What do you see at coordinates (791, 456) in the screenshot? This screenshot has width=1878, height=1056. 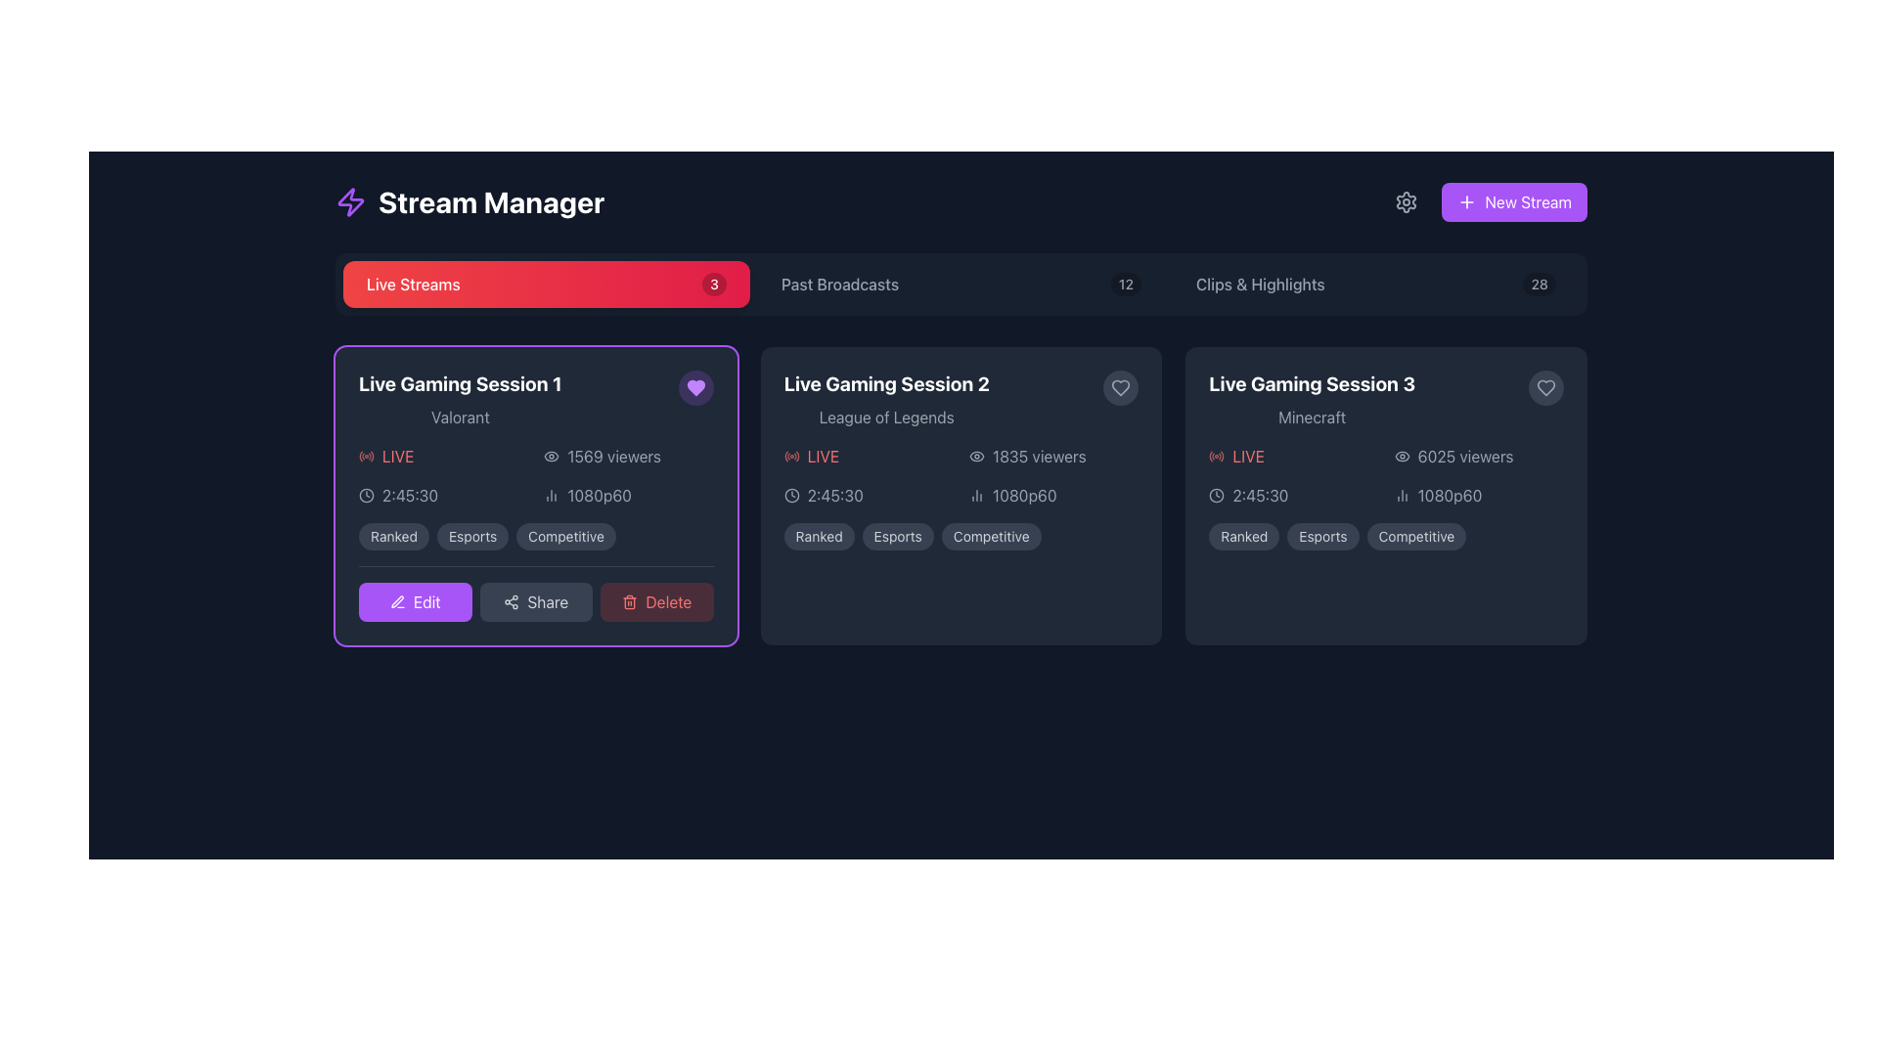 I see `the Broadcast indicator icon located at the top-left corner of the 'Live Gaming Session 2' card, which is directly to the left of the 'LIVE' text label` at bounding box center [791, 456].